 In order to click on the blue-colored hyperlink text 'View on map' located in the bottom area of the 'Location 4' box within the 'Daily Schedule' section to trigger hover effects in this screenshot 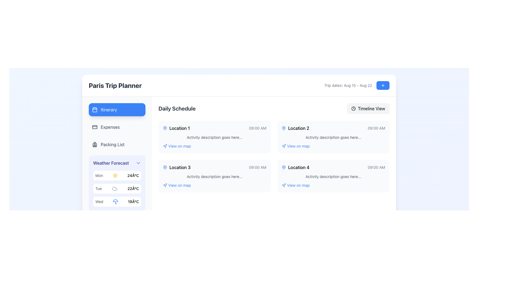, I will do `click(298, 185)`.